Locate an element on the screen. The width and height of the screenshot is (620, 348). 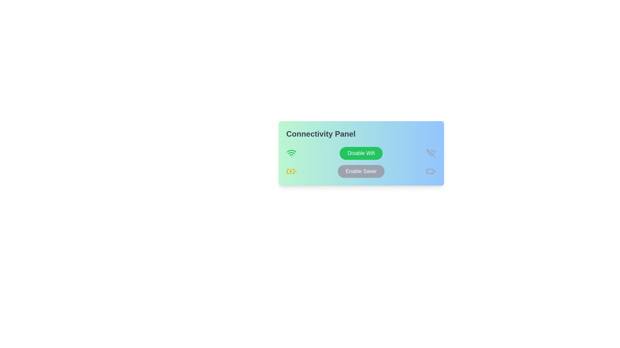
the second interactive button in the vertical list below the 'Disable Wifi' text is located at coordinates (361, 171).